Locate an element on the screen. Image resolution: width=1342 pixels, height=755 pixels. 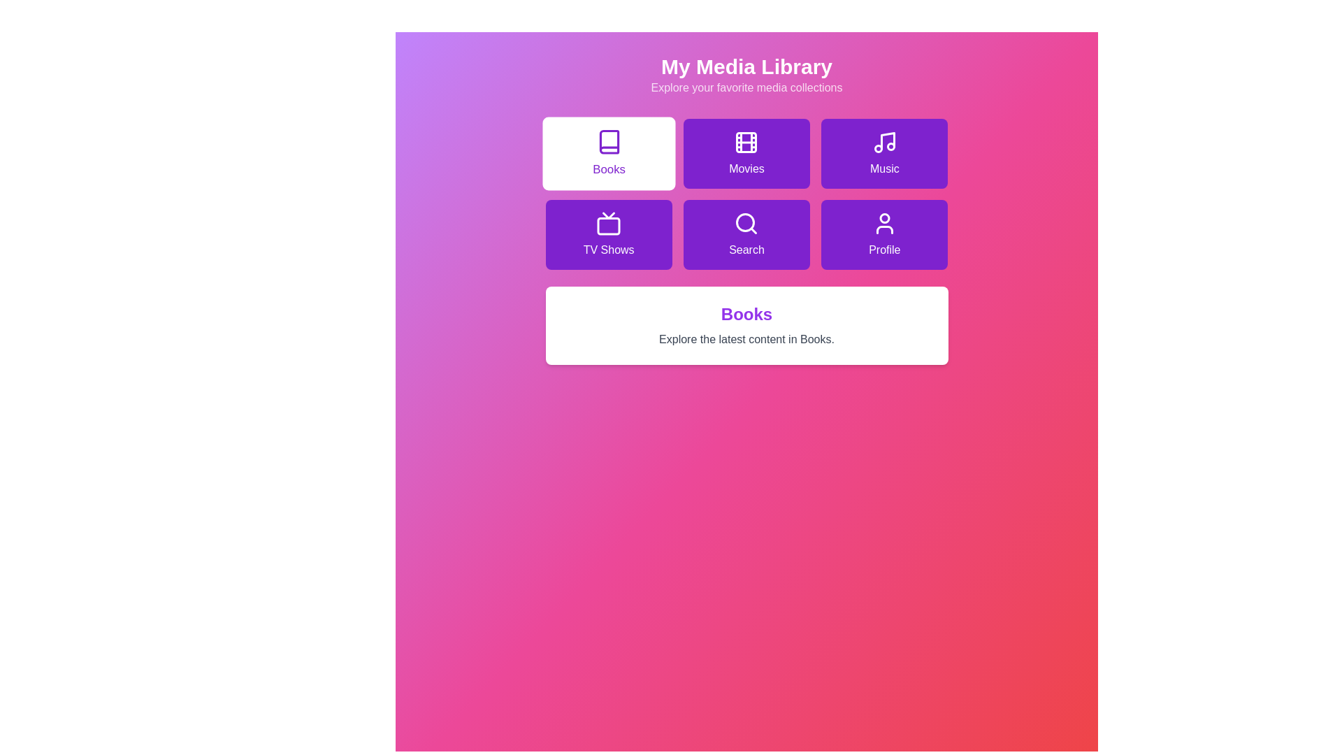
the circular element representing the user's profile within the 'Profile' icon is located at coordinates (883, 218).